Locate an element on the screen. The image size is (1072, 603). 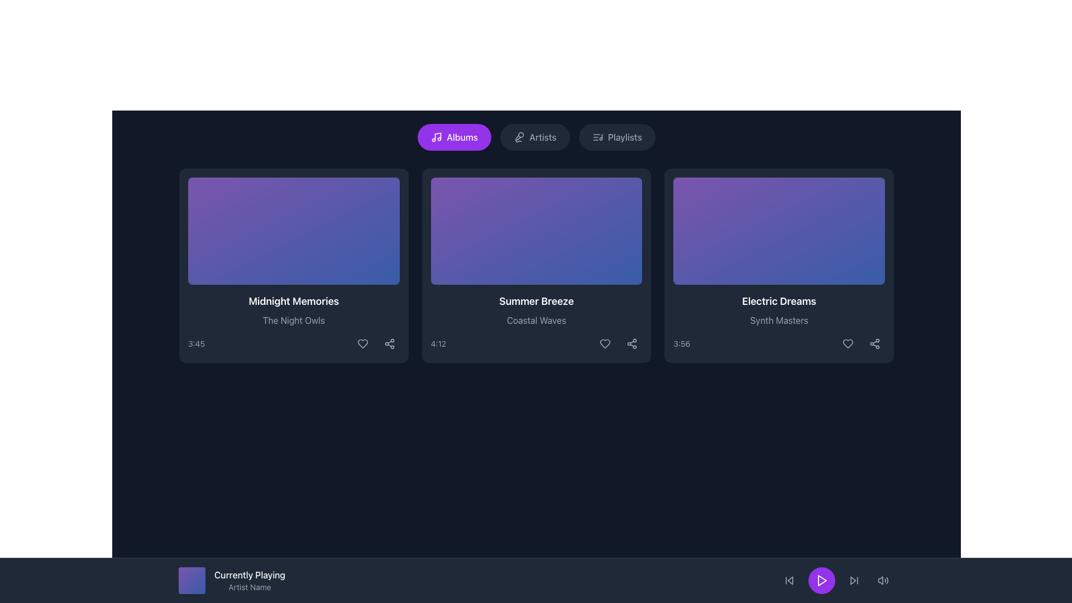
the heart icon outlined in gray, located at the bottom-right corner of the 'Summer Breeze' album card, to change its color to pink is located at coordinates (605, 343).